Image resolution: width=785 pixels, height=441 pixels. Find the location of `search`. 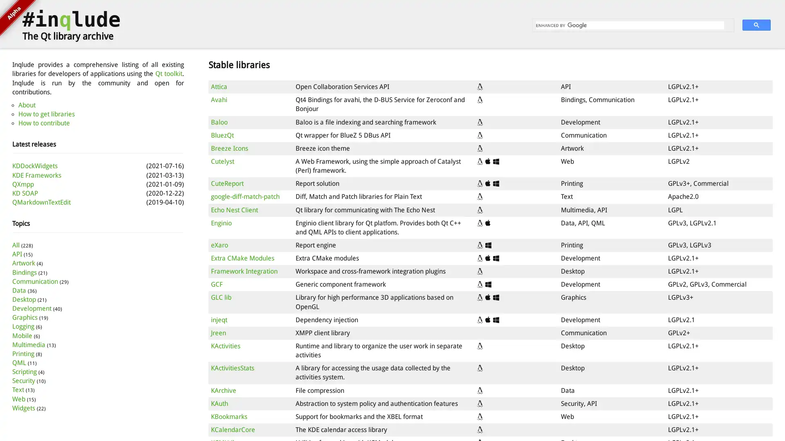

search is located at coordinates (756, 24).